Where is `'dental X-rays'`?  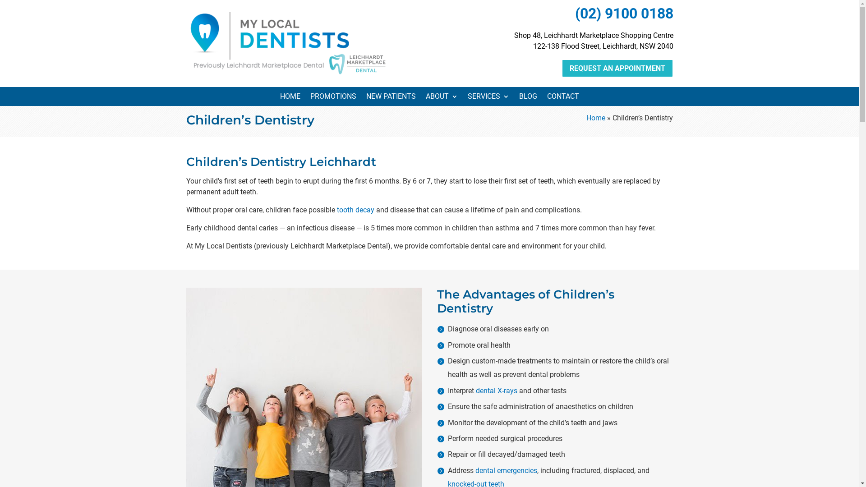 'dental X-rays' is located at coordinates (496, 390).